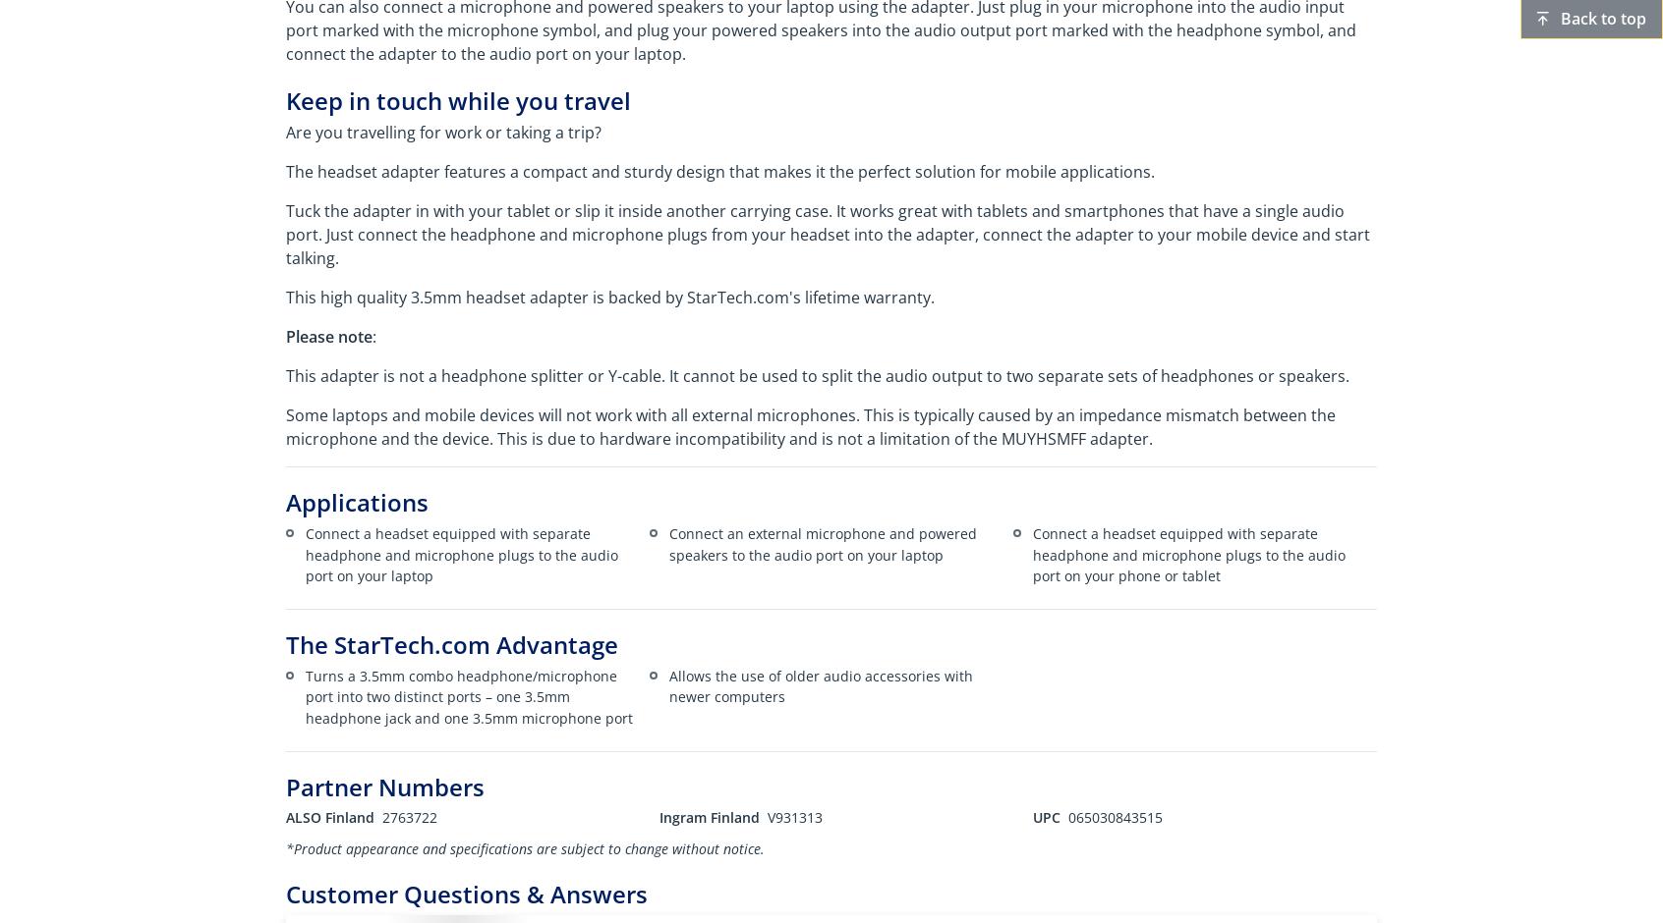 The image size is (1663, 923). What do you see at coordinates (708, 816) in the screenshot?
I see `'Ingram Finland'` at bounding box center [708, 816].